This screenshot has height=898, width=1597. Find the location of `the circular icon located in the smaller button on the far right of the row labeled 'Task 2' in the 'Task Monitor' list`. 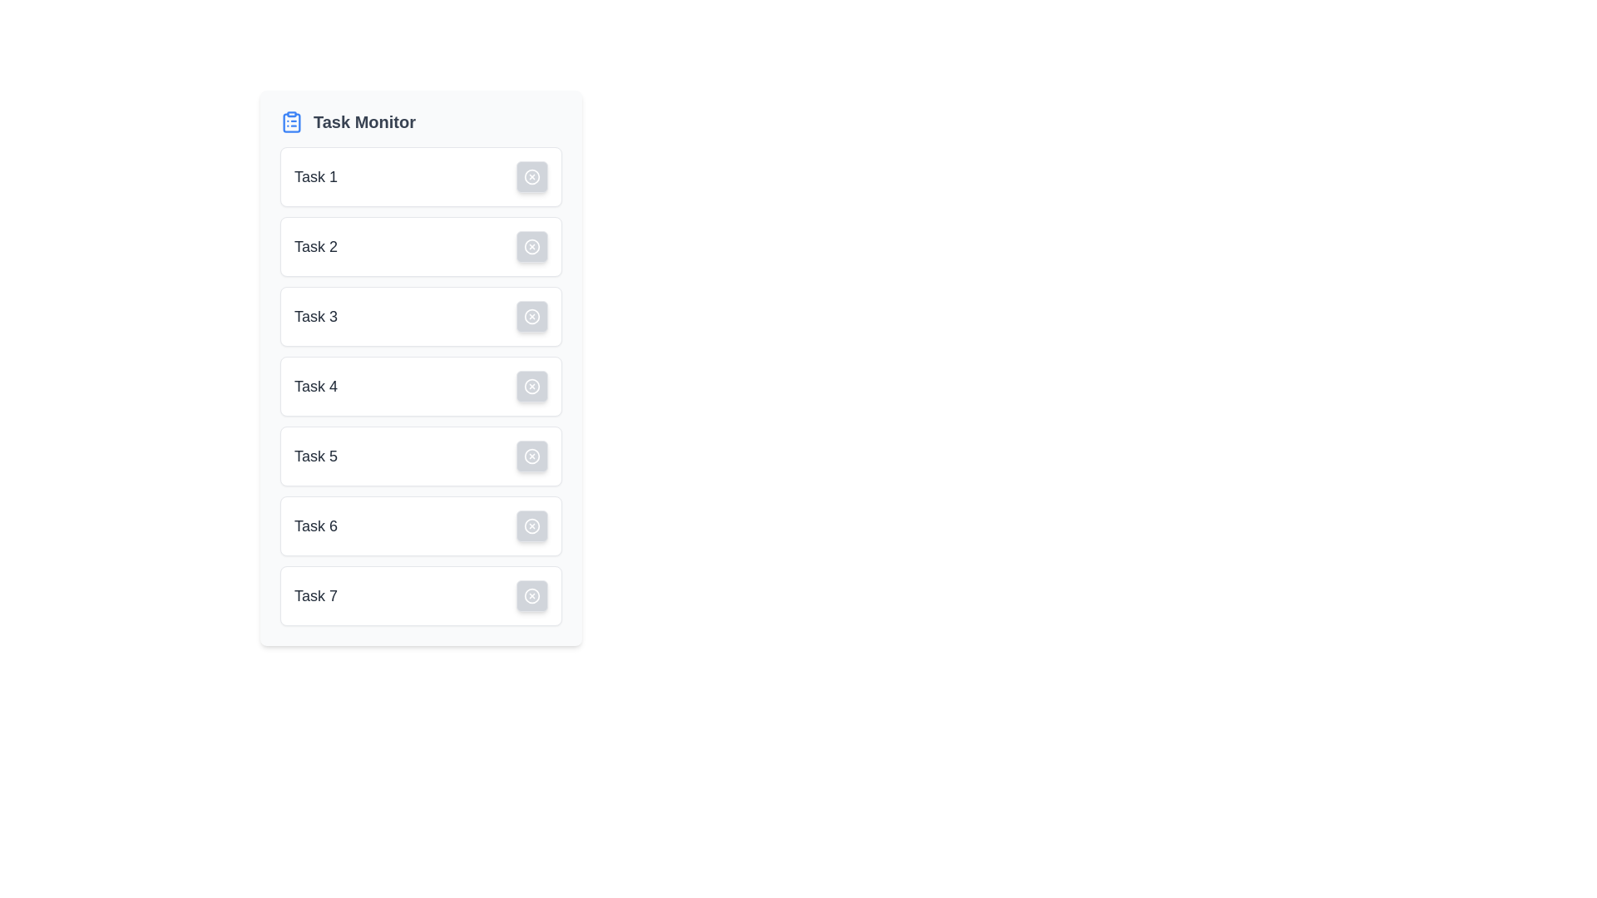

the circular icon located in the smaller button on the far right of the row labeled 'Task 2' in the 'Task Monitor' list is located at coordinates (531, 247).